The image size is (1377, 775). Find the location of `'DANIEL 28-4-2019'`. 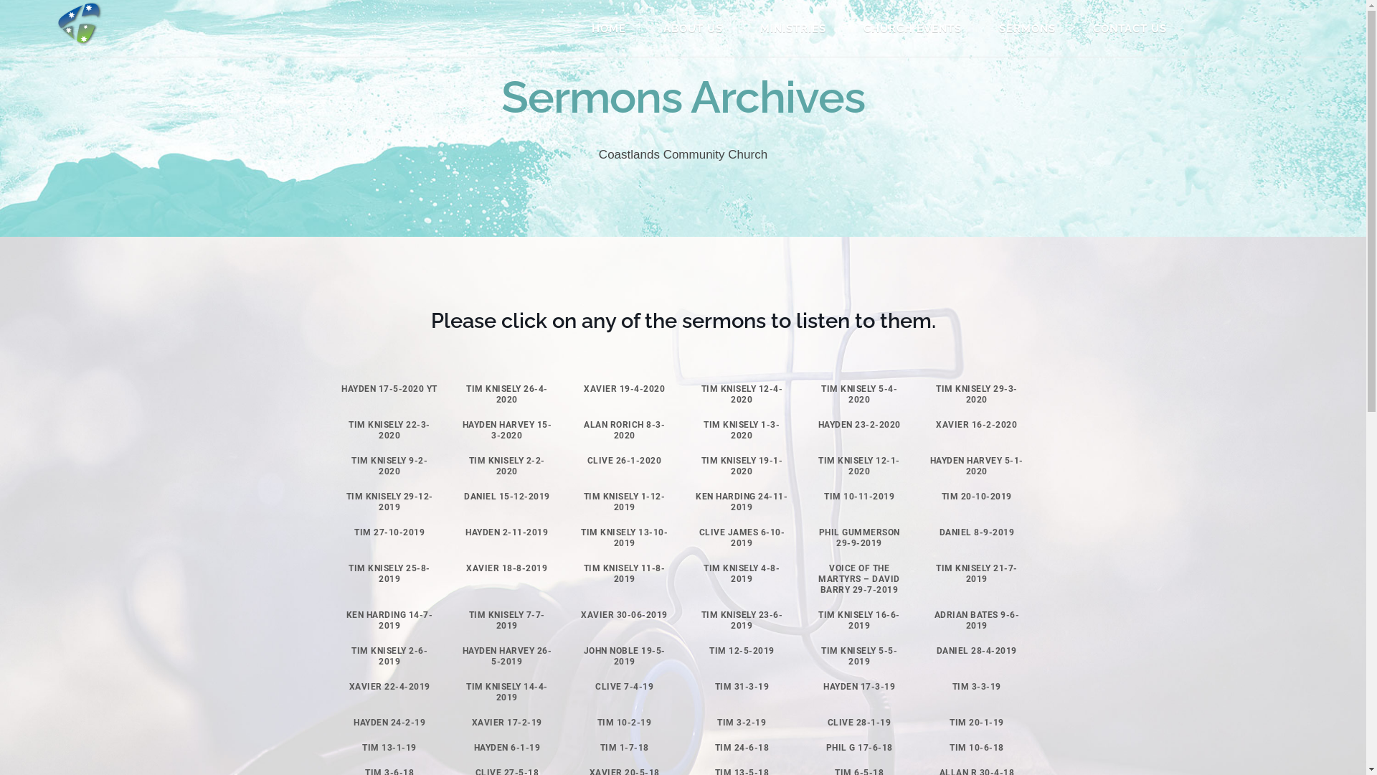

'DANIEL 28-4-2019' is located at coordinates (976, 650).